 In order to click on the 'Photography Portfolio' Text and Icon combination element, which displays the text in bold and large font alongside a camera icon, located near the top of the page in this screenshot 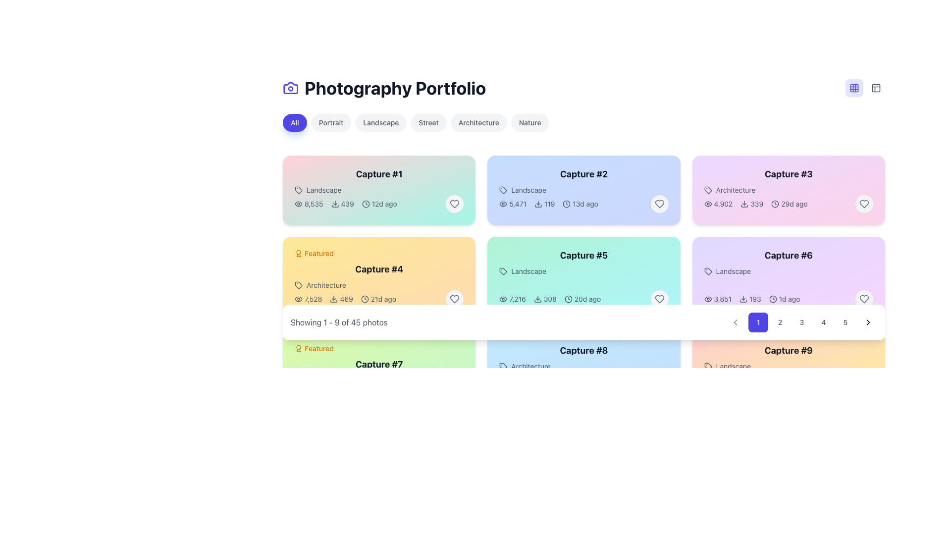, I will do `click(384, 87)`.